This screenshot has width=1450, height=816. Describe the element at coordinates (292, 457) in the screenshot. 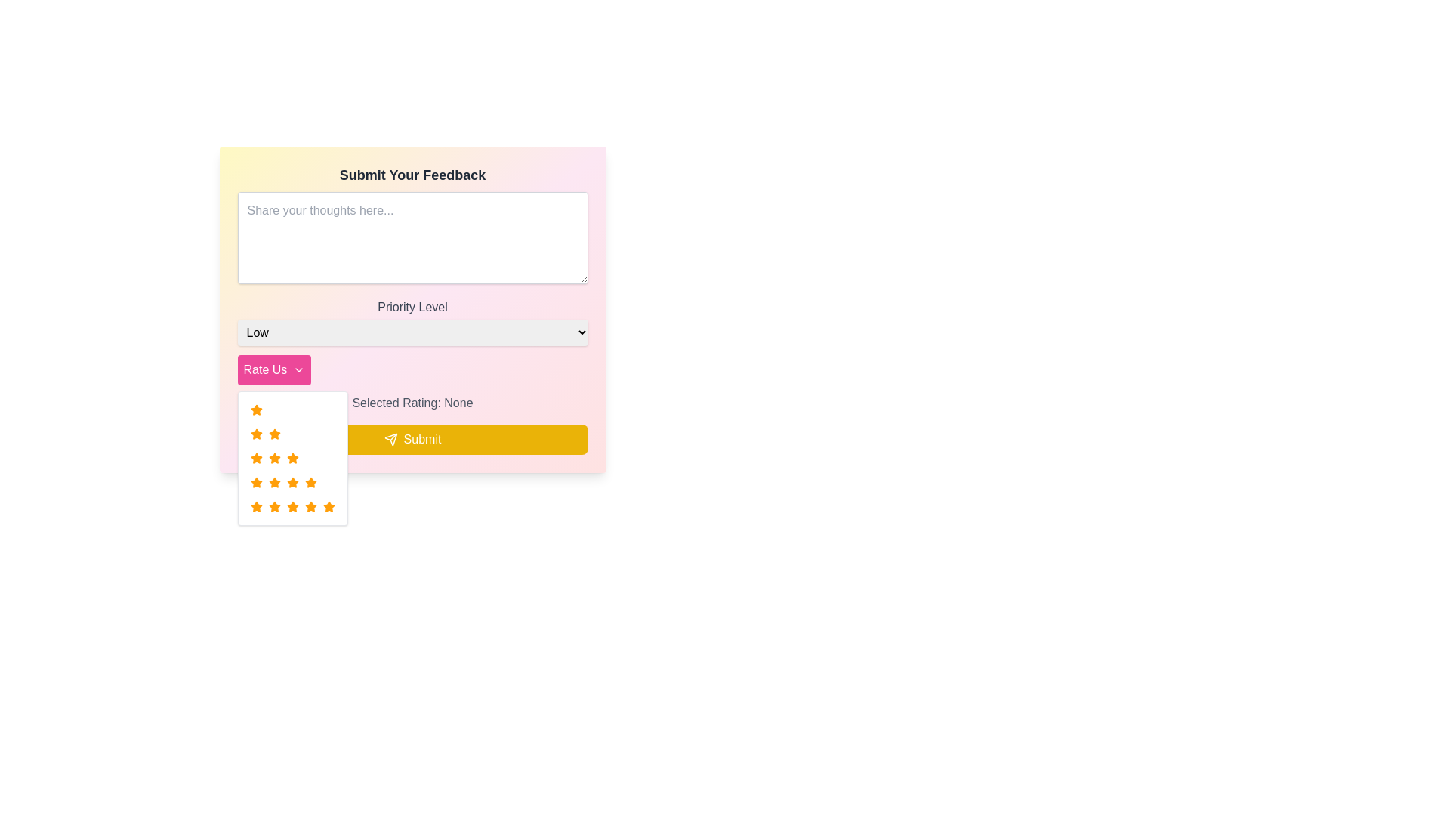

I see `the first star icon in the fifth row of the rating grid in the 'Rate Us' dropdown modal` at that location.